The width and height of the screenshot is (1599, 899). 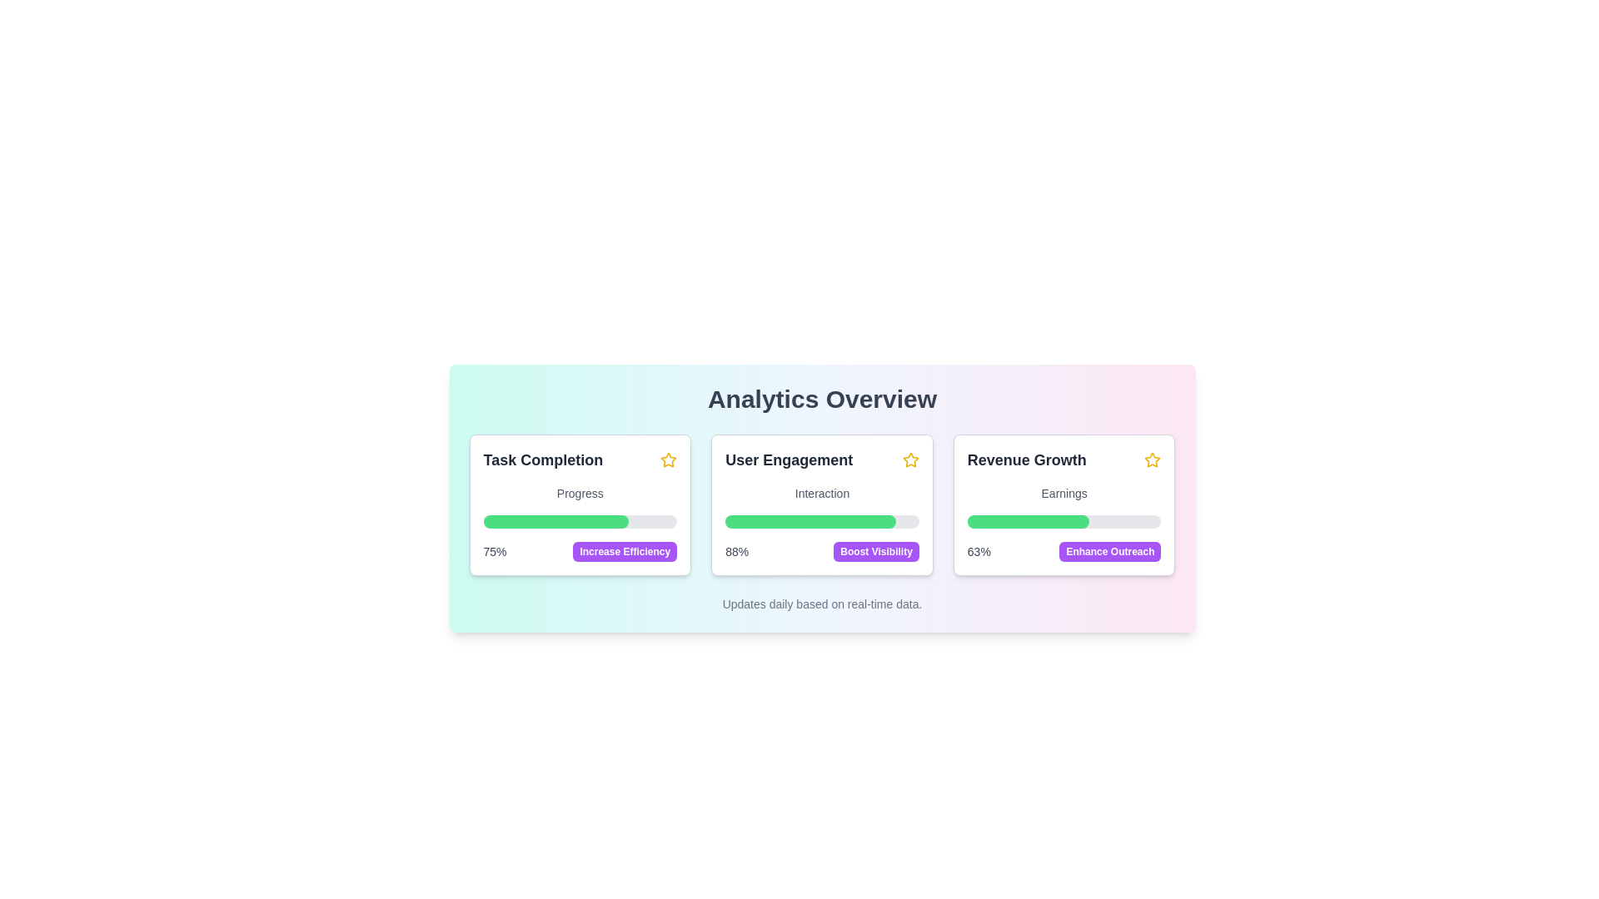 What do you see at coordinates (1064, 459) in the screenshot?
I see `the label for 'Revenue Growth' located in the top-right section of its card, adjacent to a star icon` at bounding box center [1064, 459].